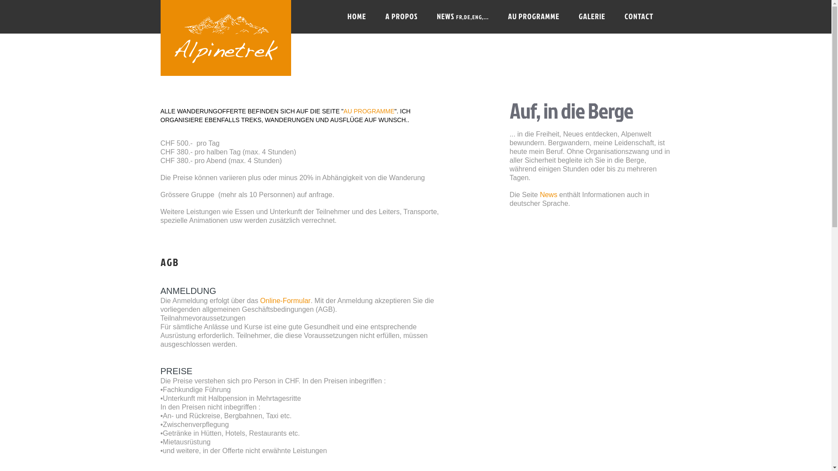 This screenshot has height=471, width=838. I want to click on 'NEWS FR,DE,ENG,...', so click(429, 17).